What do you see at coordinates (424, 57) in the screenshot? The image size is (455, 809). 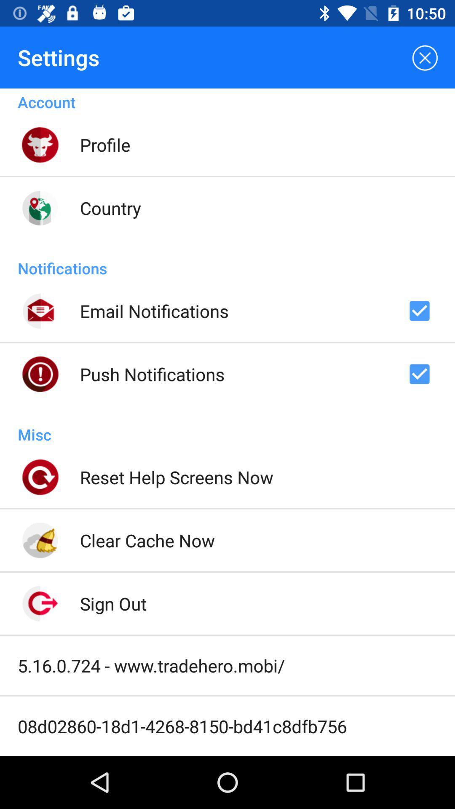 I see `icon to the right of the settings` at bounding box center [424, 57].